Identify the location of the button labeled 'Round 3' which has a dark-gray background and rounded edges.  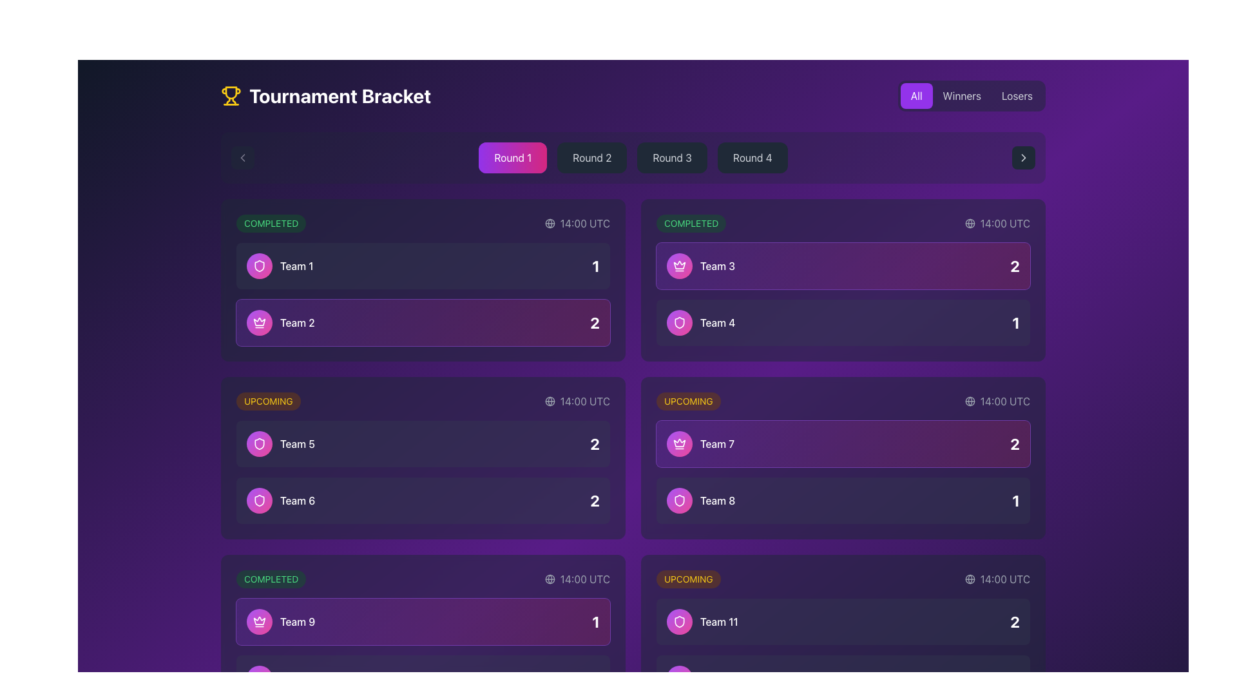
(671, 157).